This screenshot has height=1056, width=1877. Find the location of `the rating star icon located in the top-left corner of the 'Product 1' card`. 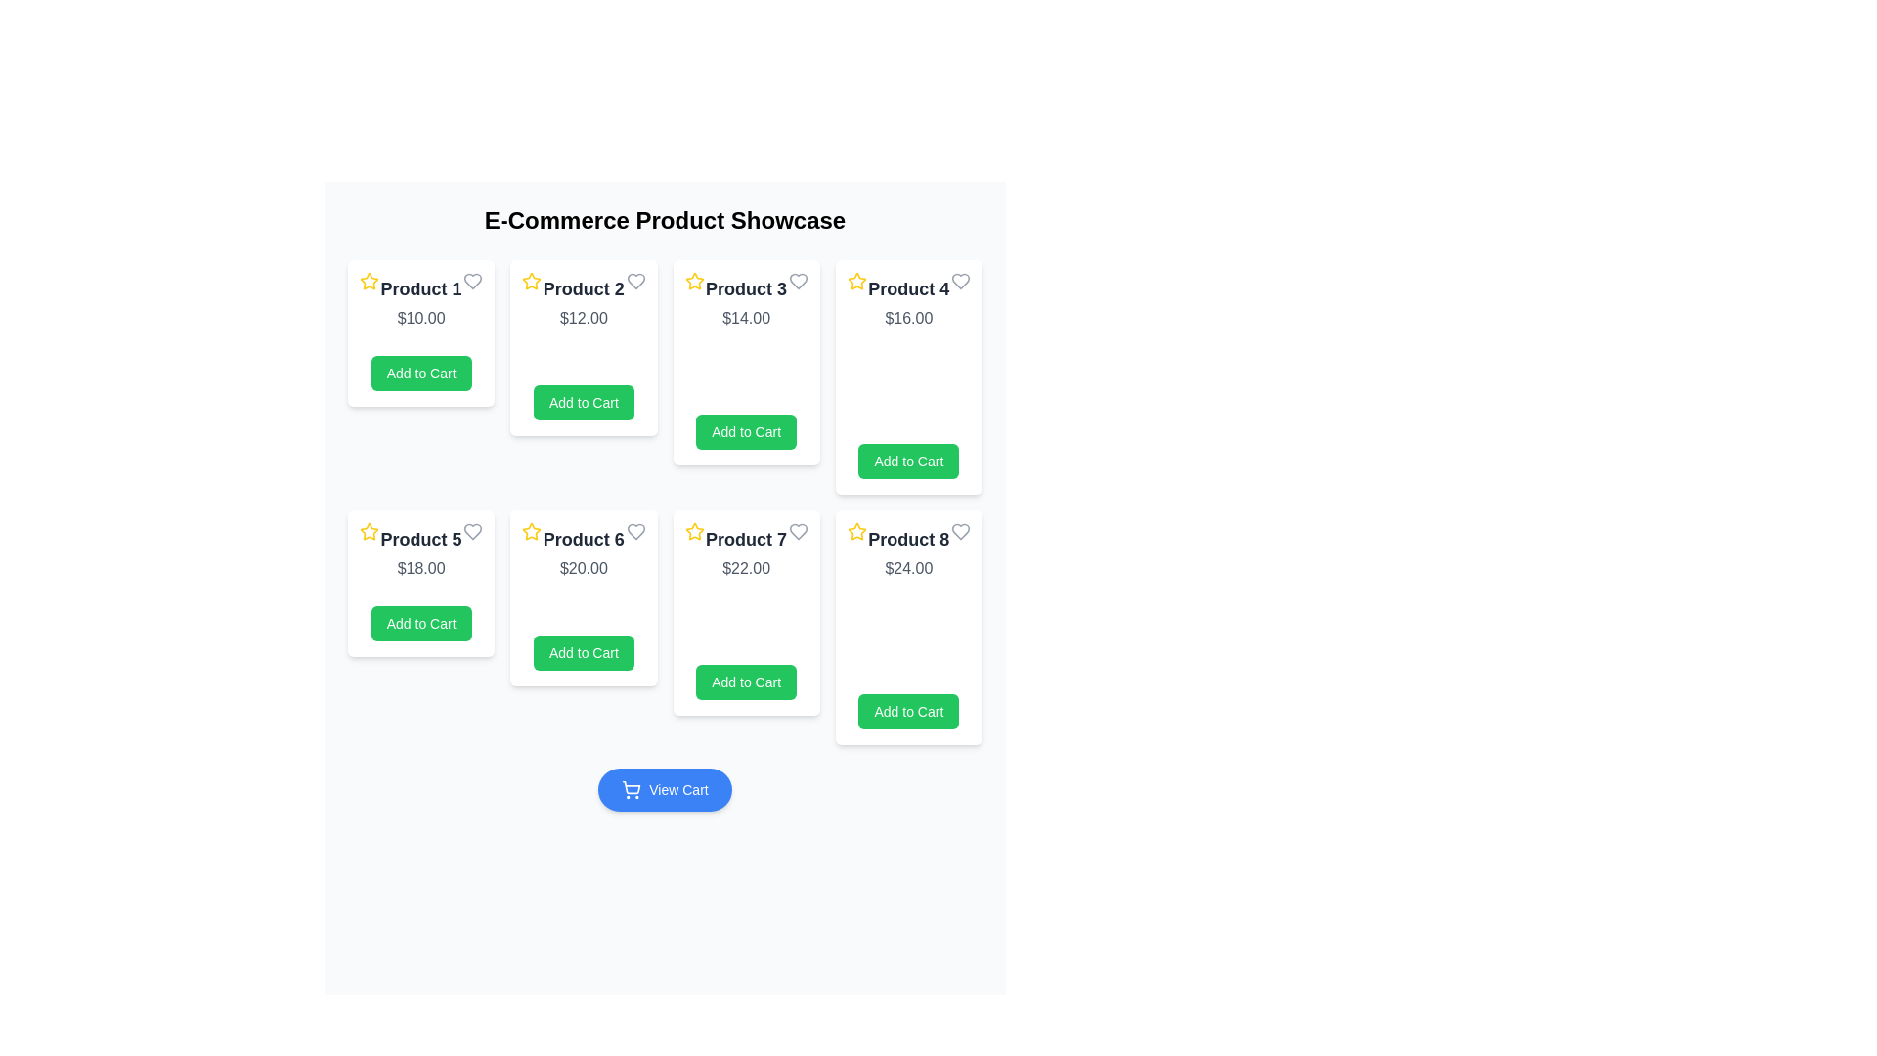

the rating star icon located in the top-left corner of the 'Product 1' card is located at coordinates (370, 281).